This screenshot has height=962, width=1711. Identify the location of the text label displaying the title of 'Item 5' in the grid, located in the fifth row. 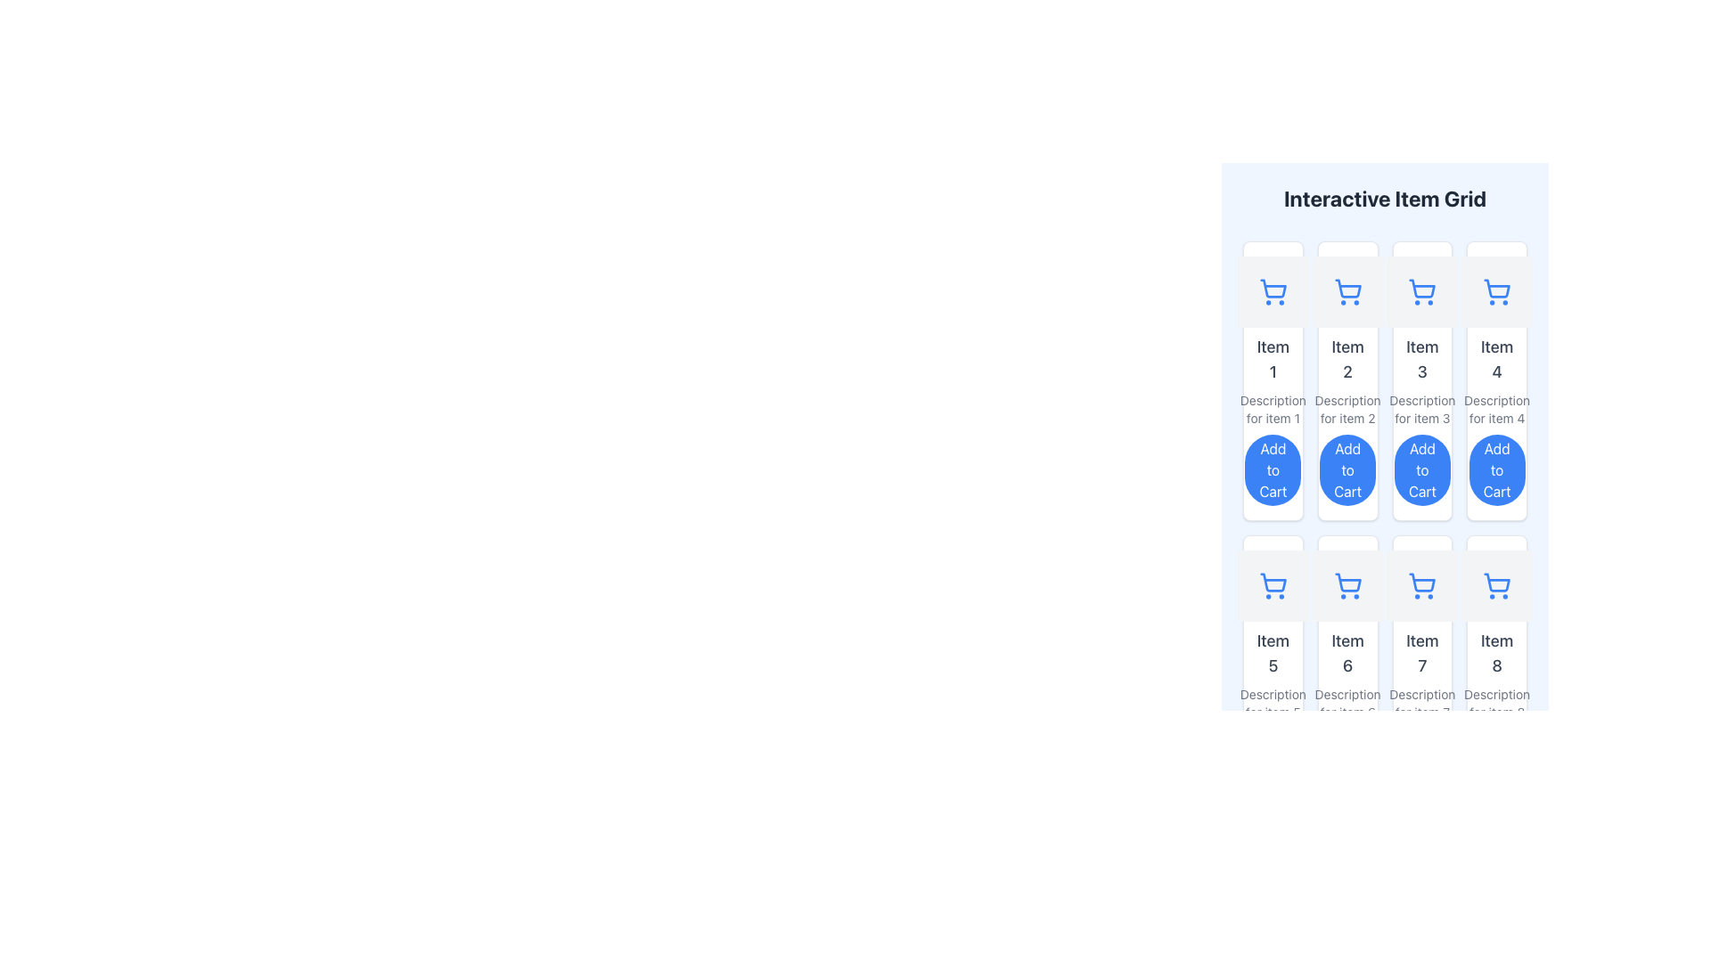
(1272, 653).